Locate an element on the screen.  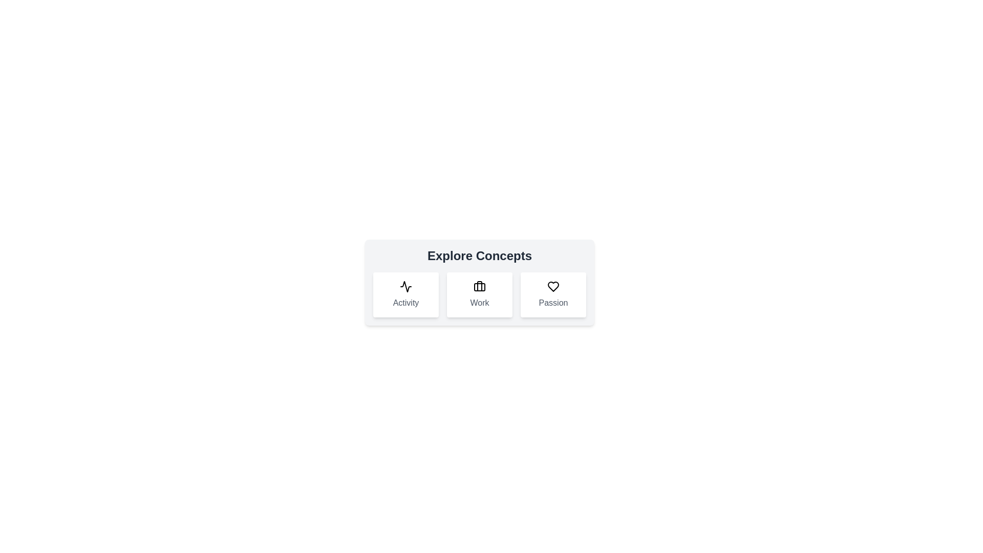
the selectable item with icon and label representing the 'Work' category, located centrally beneath the 'Explore Concepts' heading is located at coordinates (479, 294).